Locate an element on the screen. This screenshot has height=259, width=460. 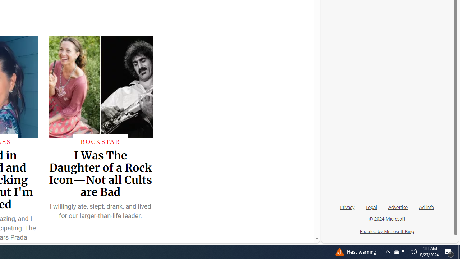
'Advertise' is located at coordinates (397, 206).